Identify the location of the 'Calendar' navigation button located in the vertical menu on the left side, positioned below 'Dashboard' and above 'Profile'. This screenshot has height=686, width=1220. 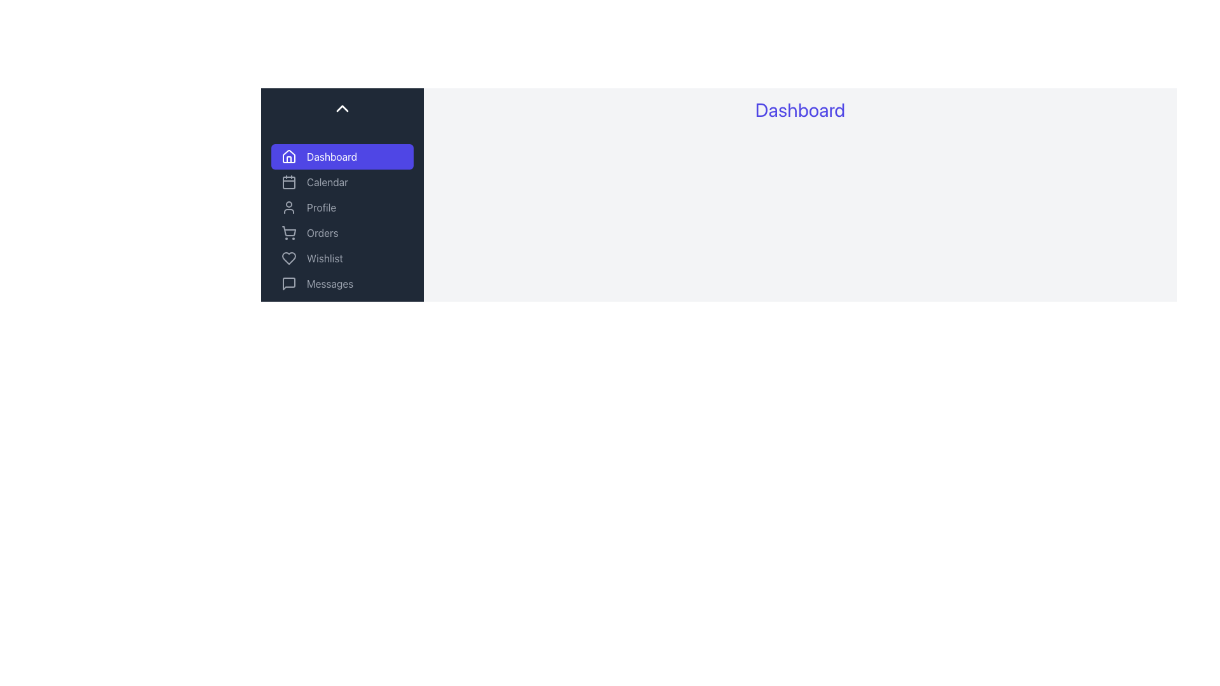
(342, 182).